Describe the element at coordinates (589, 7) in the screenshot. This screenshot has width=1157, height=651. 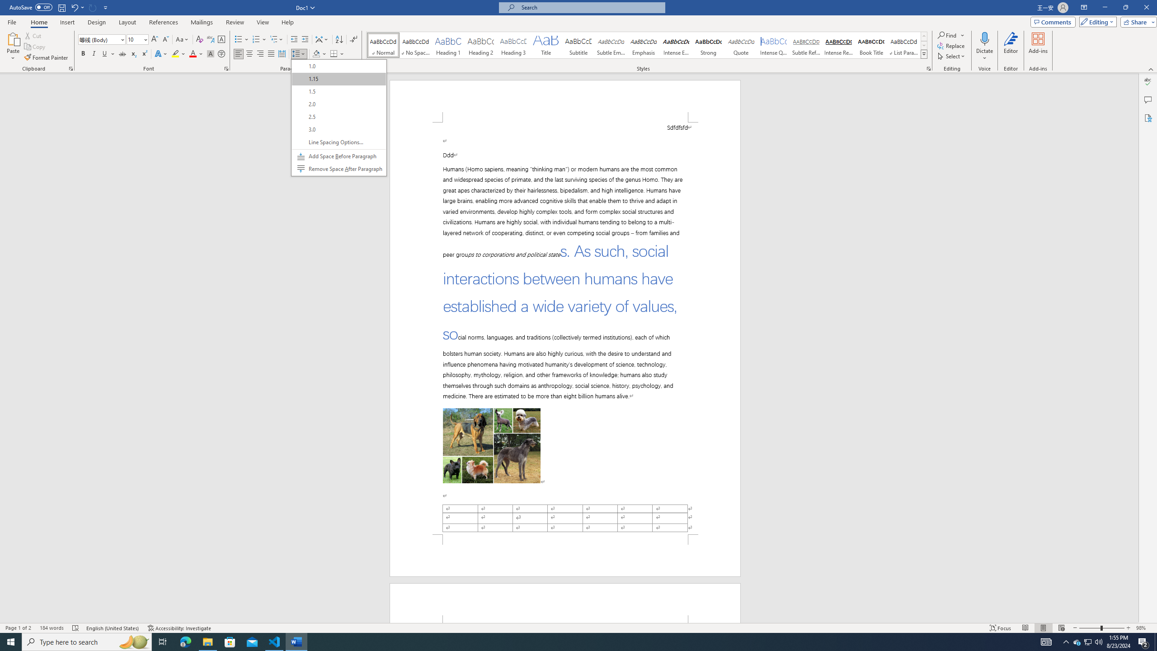
I see `'Microsoft search'` at that location.